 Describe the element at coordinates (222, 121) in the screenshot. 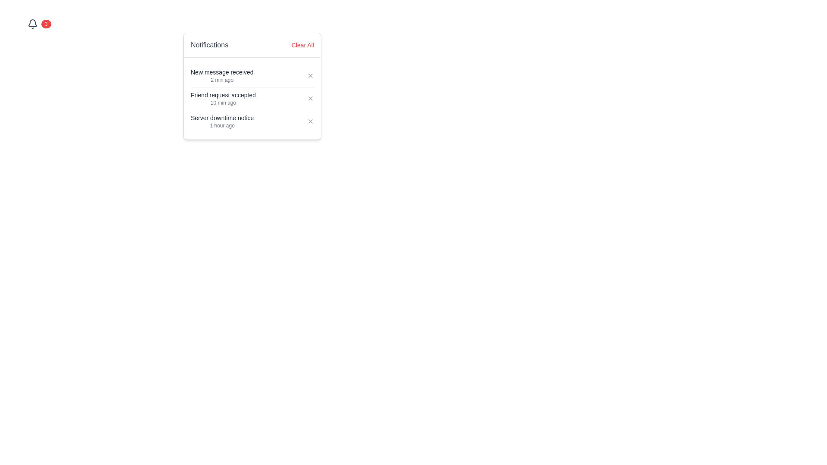

I see `the text notification item with the heading 'Server downtime notice' and timestamp '1 hour ago'` at that location.